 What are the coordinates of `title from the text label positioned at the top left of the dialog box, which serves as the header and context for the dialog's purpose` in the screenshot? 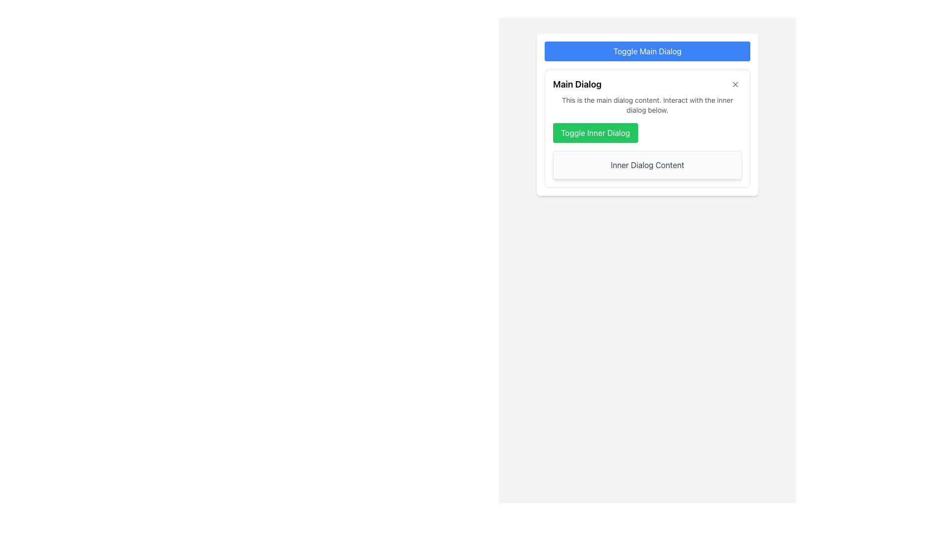 It's located at (577, 84).